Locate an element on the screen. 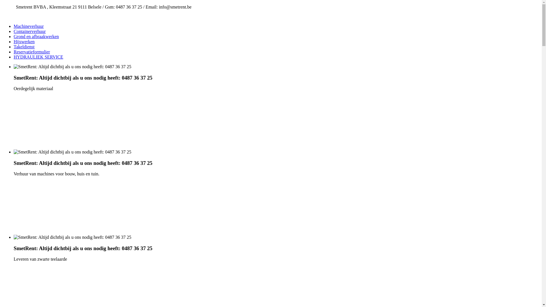 This screenshot has height=307, width=546. 'Containerverhuur' is located at coordinates (14, 31).